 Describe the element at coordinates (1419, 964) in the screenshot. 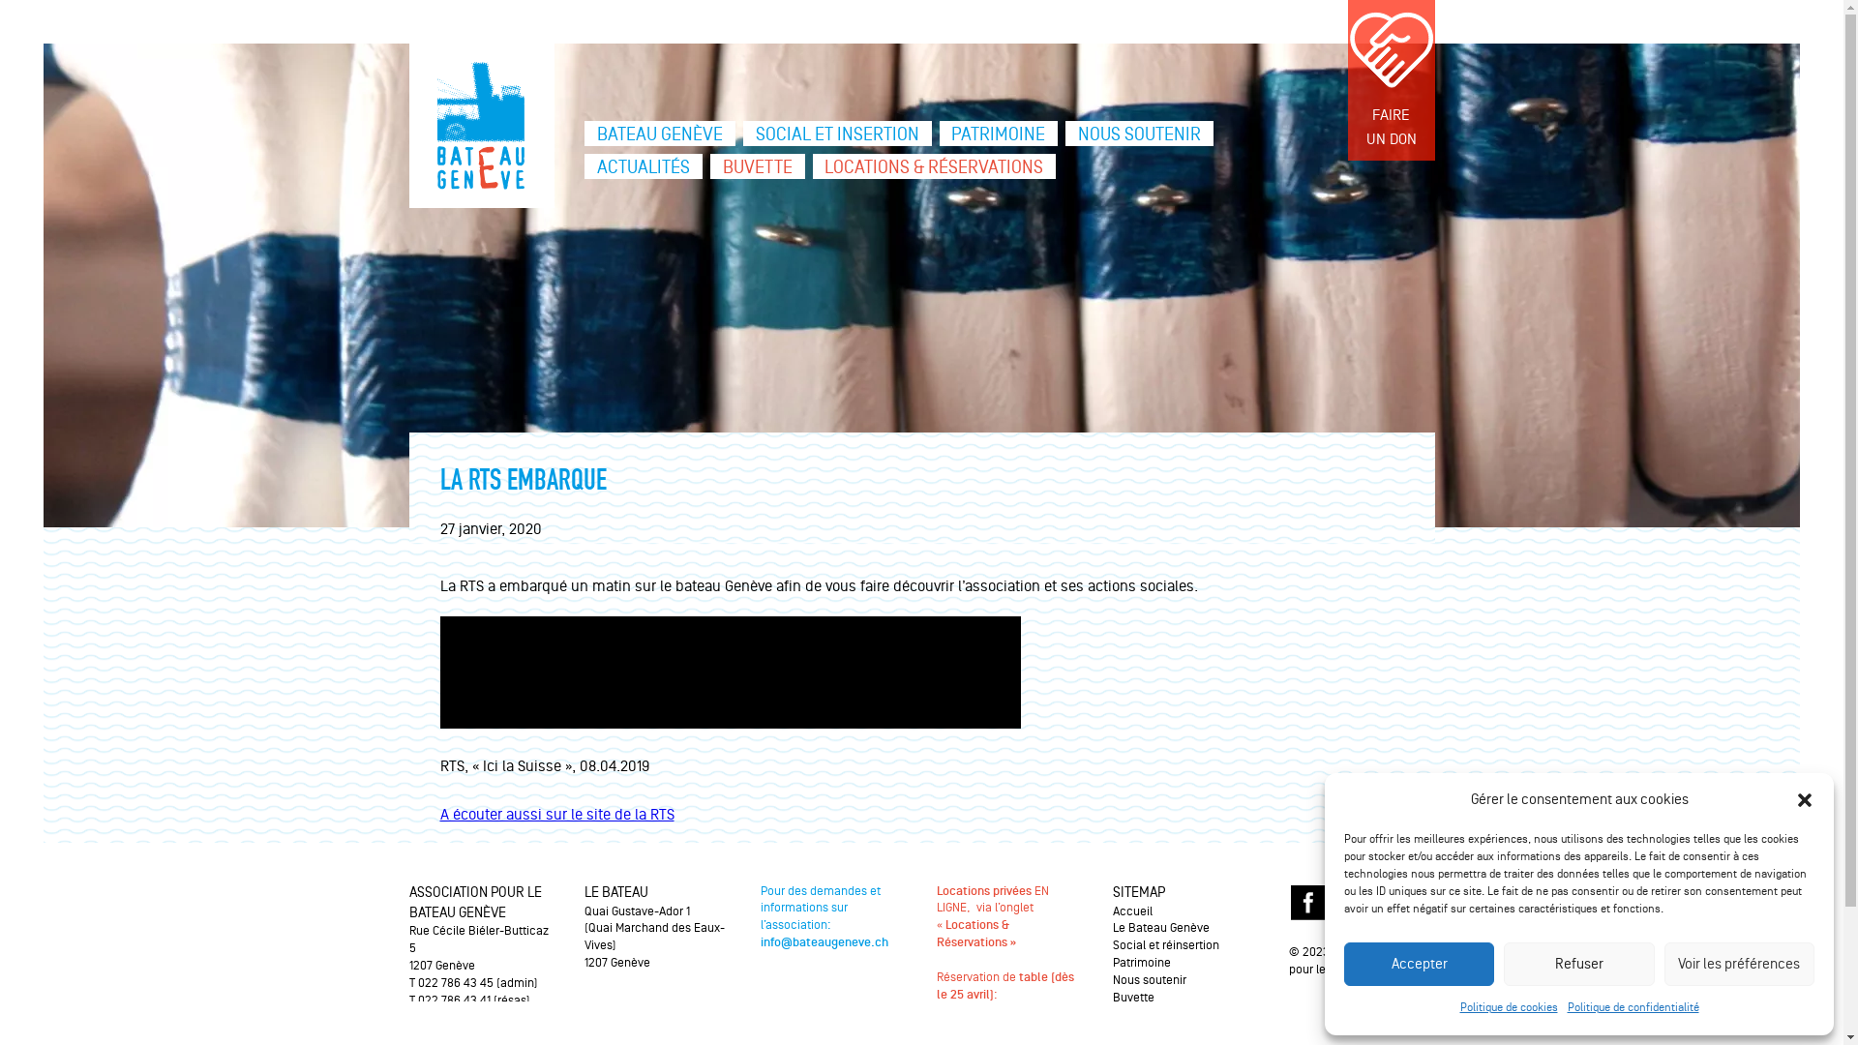

I see `'Accepter'` at that location.